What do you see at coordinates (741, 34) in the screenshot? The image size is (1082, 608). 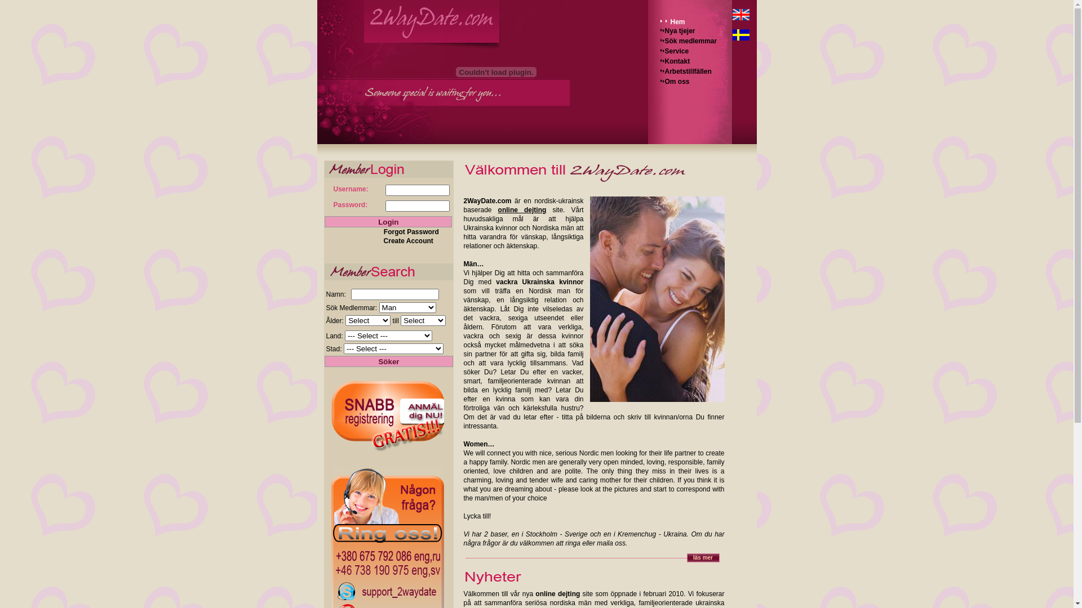 I see `'Sweden'` at bounding box center [741, 34].